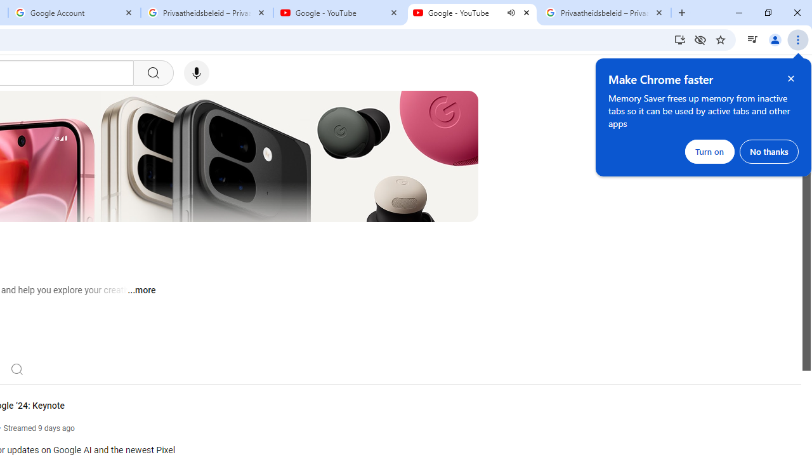  Describe the element at coordinates (768, 151) in the screenshot. I see `'No thanks'` at that location.